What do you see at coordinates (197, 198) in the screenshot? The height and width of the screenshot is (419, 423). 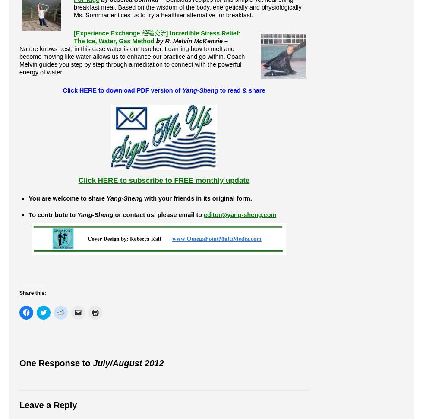 I see `'with your friends in its original form.'` at bounding box center [197, 198].